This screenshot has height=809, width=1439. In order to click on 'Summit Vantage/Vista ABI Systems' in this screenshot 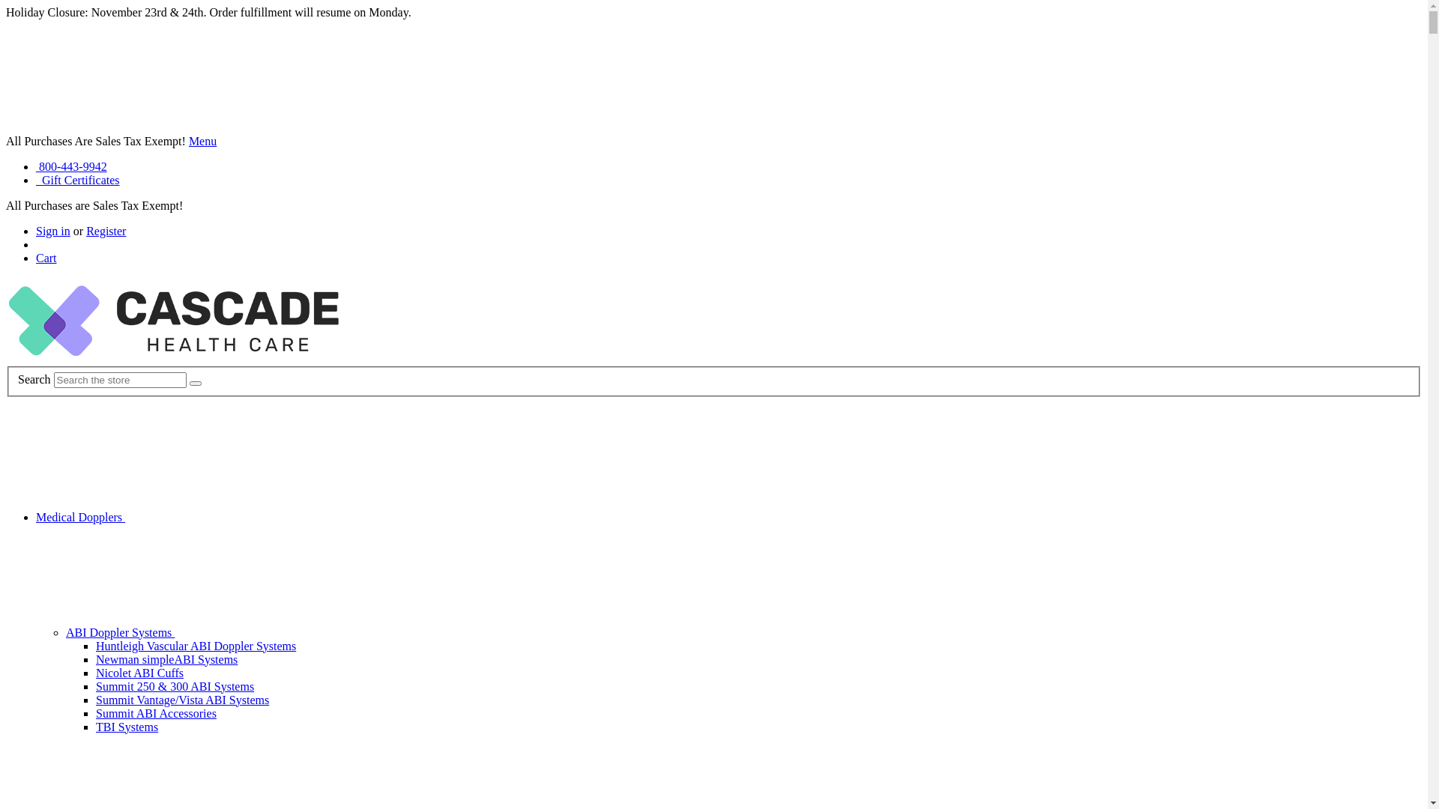, I will do `click(181, 700)`.